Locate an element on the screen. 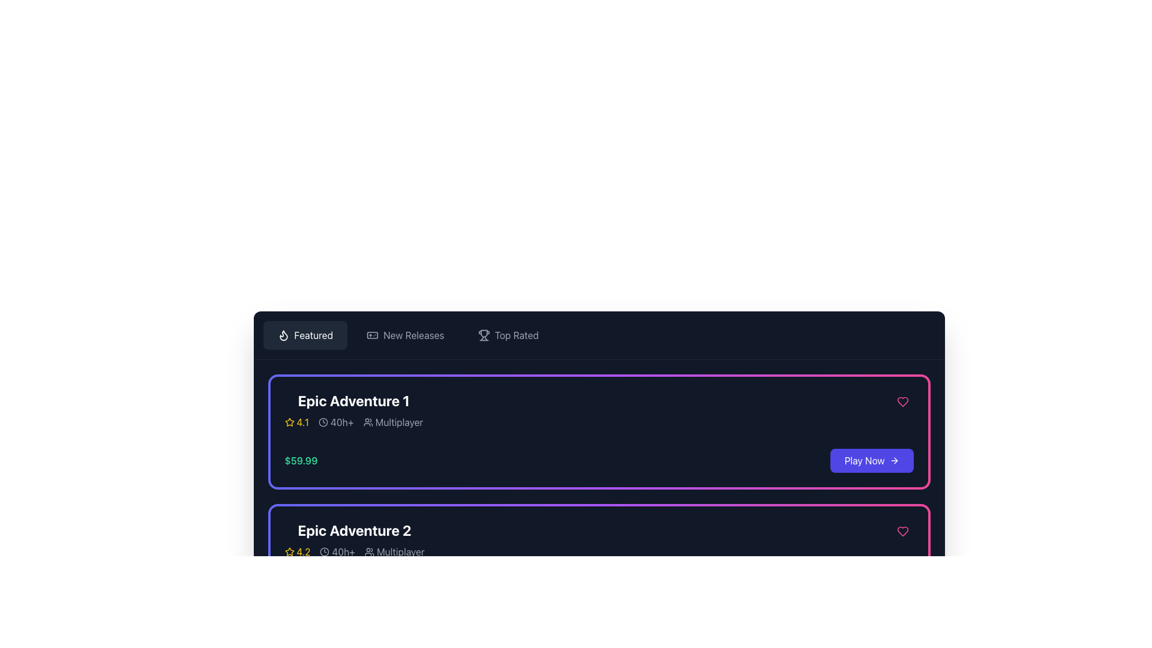  the content of the 'Multiplayer' text element with the user figures icon to gather information on multiplayer support is located at coordinates (393, 422).